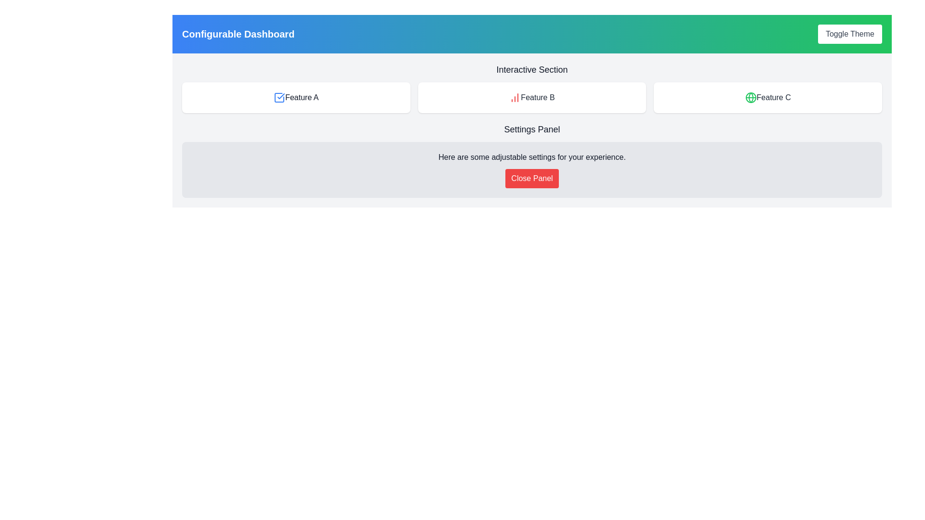 The width and height of the screenshot is (925, 520). What do you see at coordinates (850, 33) in the screenshot?
I see `the 'Toggle Theme' button, which is a rectangular button with a white background and gray text, located at the top right corner adjacent to the 'Configurable Dashboard' label` at bounding box center [850, 33].